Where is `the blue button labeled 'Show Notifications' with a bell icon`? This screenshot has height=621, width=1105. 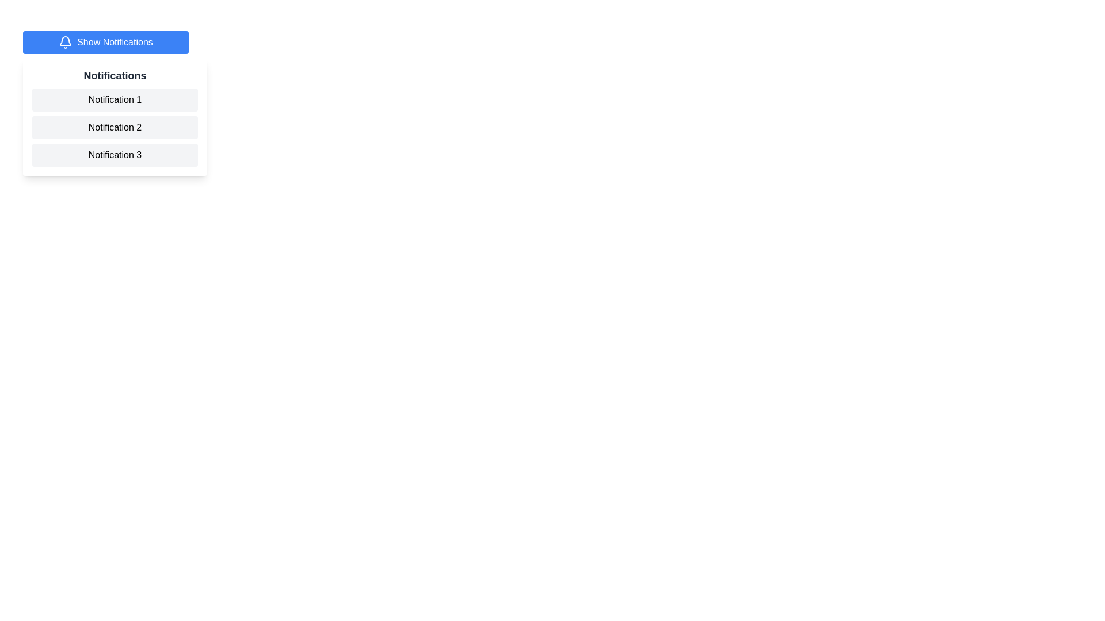
the blue button labeled 'Show Notifications' with a bell icon is located at coordinates (105, 41).